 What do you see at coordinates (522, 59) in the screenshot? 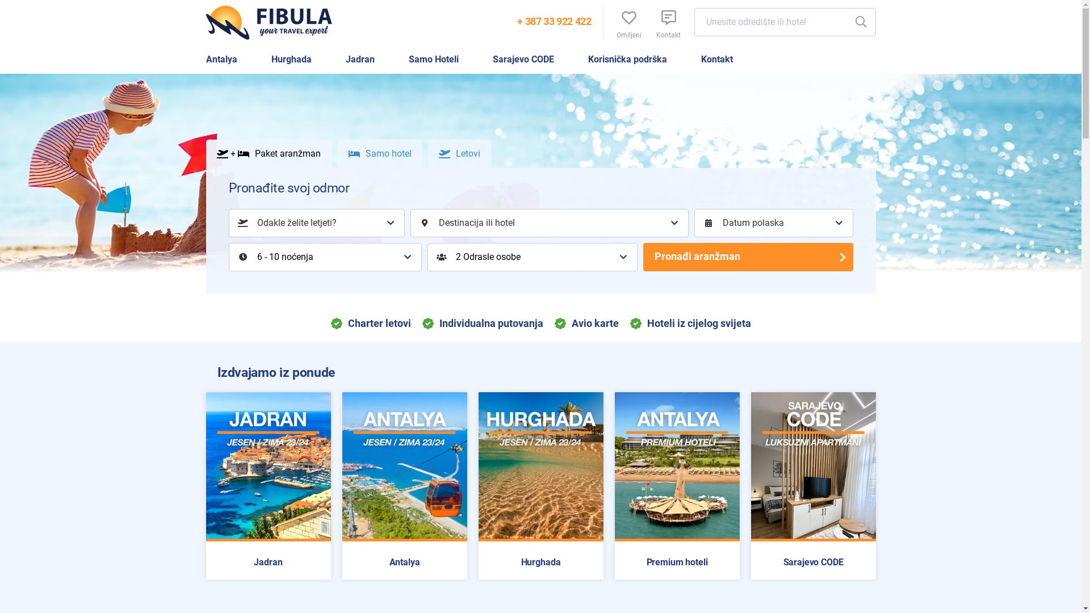
I see `'Sarajevo CODE'` at bounding box center [522, 59].